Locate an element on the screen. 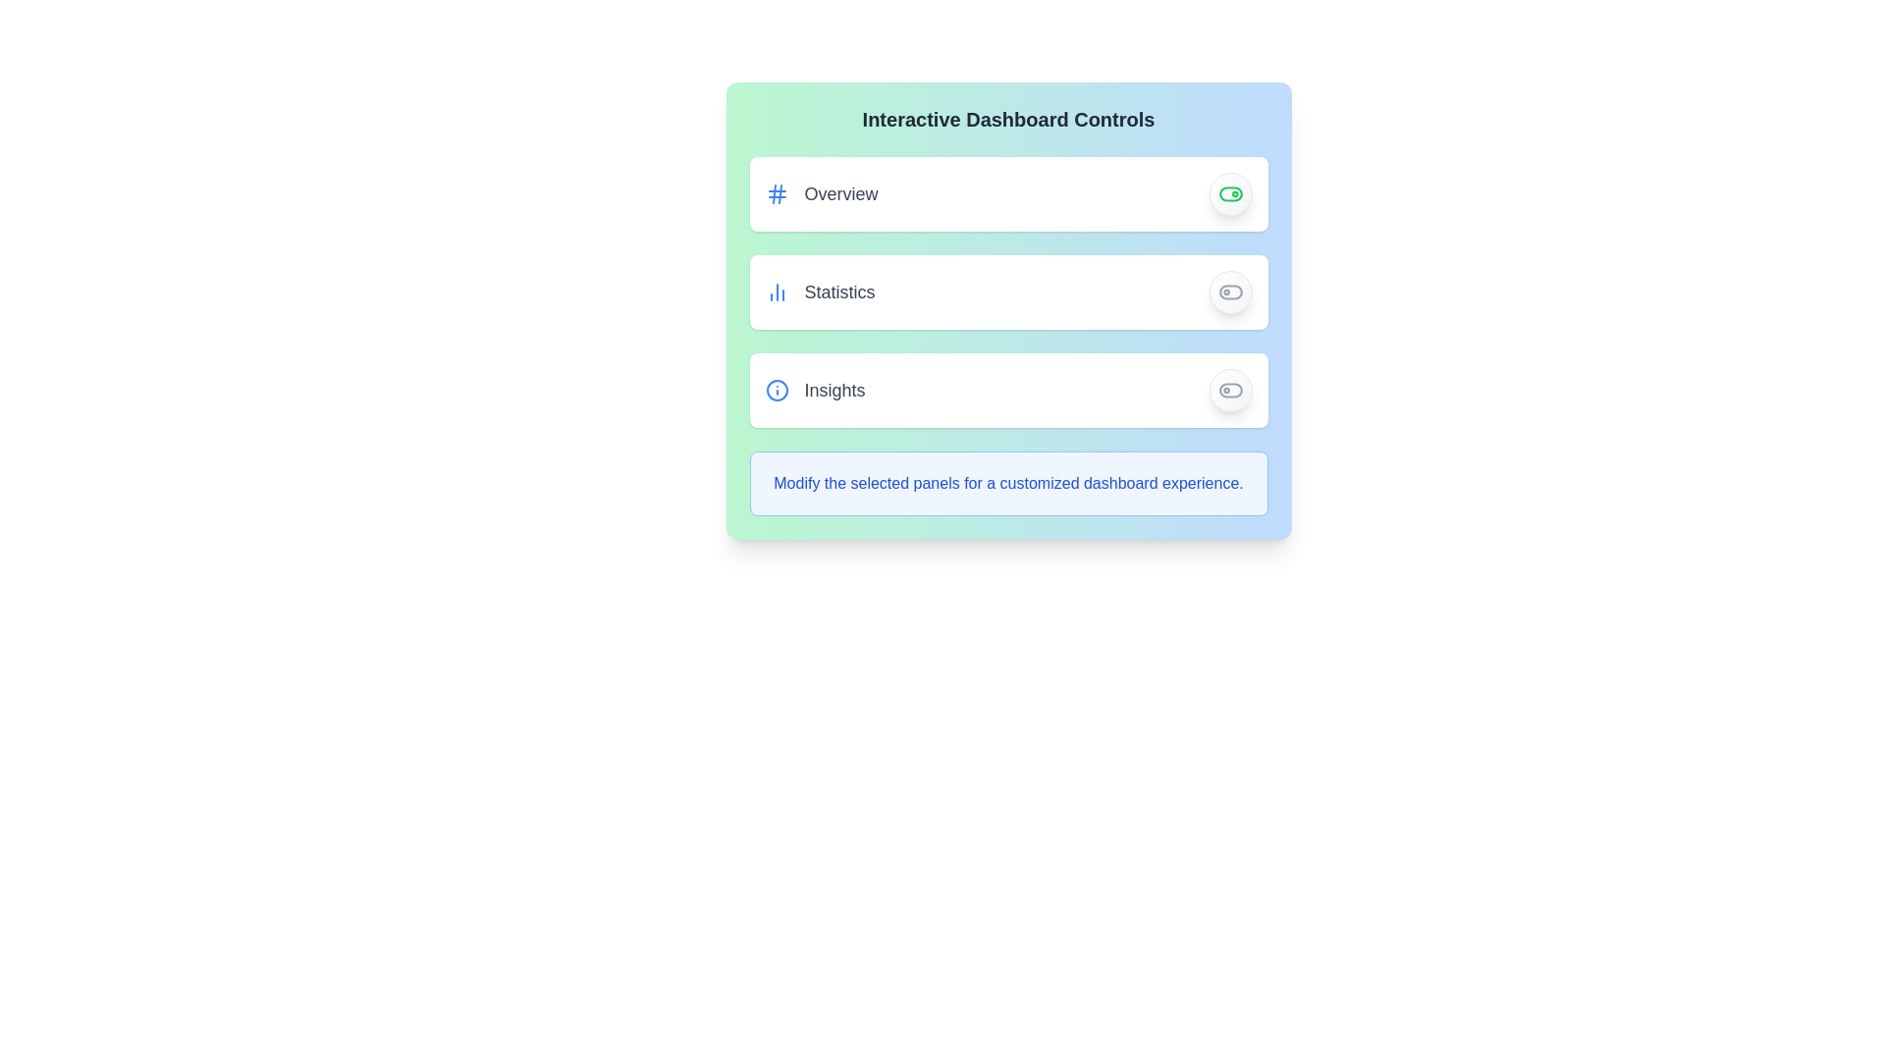 Image resolution: width=1885 pixels, height=1060 pixels. the circular toggle button styled with a light gradient background and shadow effect located at the right end of the 'Insights' label is located at coordinates (1229, 390).